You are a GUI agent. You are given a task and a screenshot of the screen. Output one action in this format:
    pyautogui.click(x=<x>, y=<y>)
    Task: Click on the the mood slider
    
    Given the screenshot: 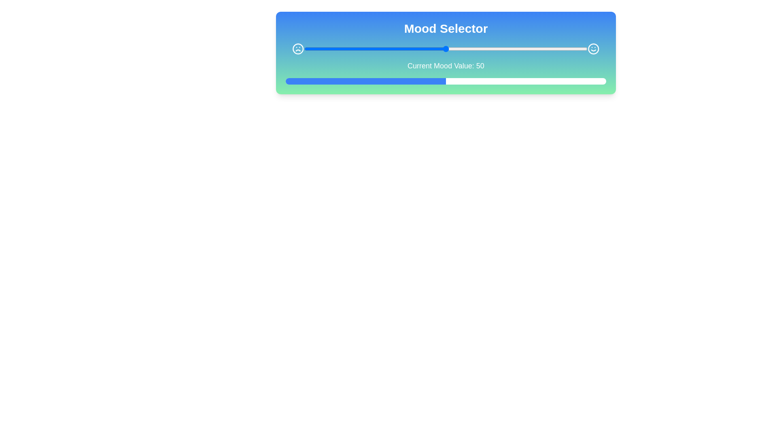 What is the action you would take?
    pyautogui.click(x=360, y=49)
    